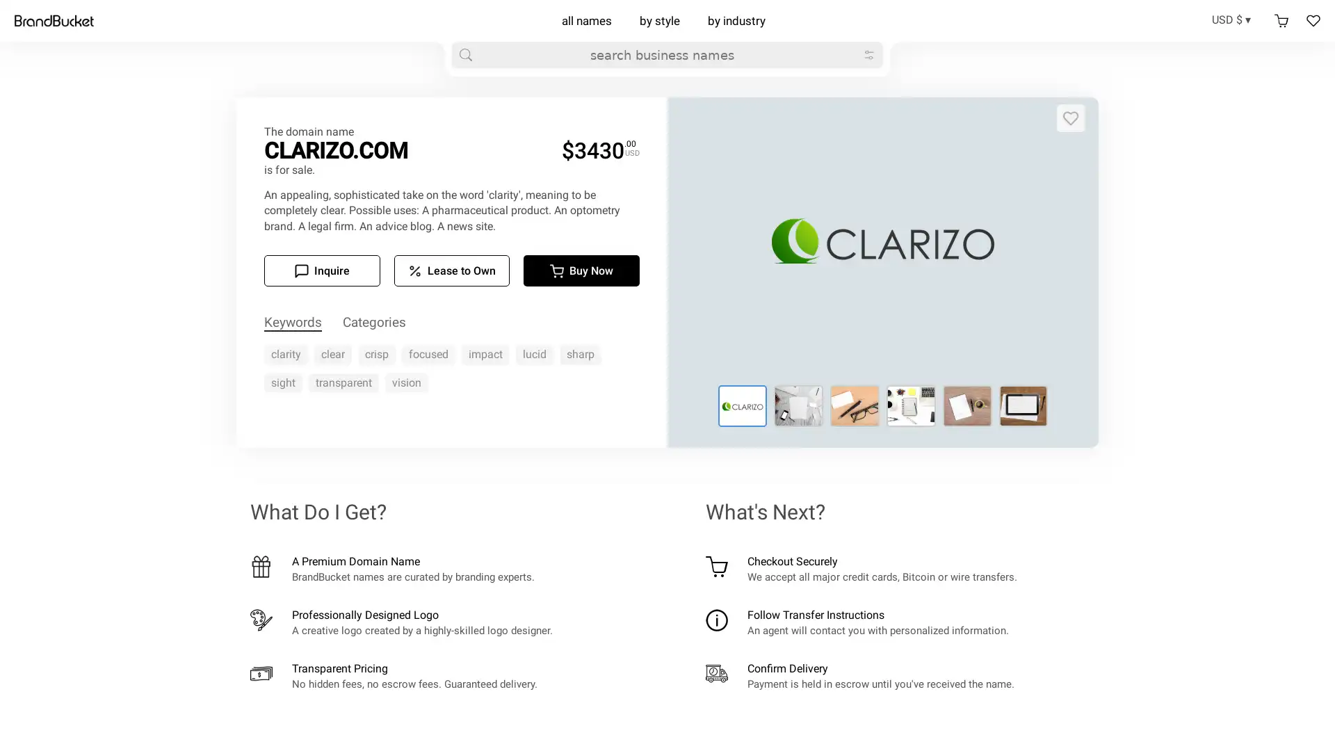  What do you see at coordinates (1023, 405) in the screenshot?
I see `Logo for clarizo.com` at bounding box center [1023, 405].